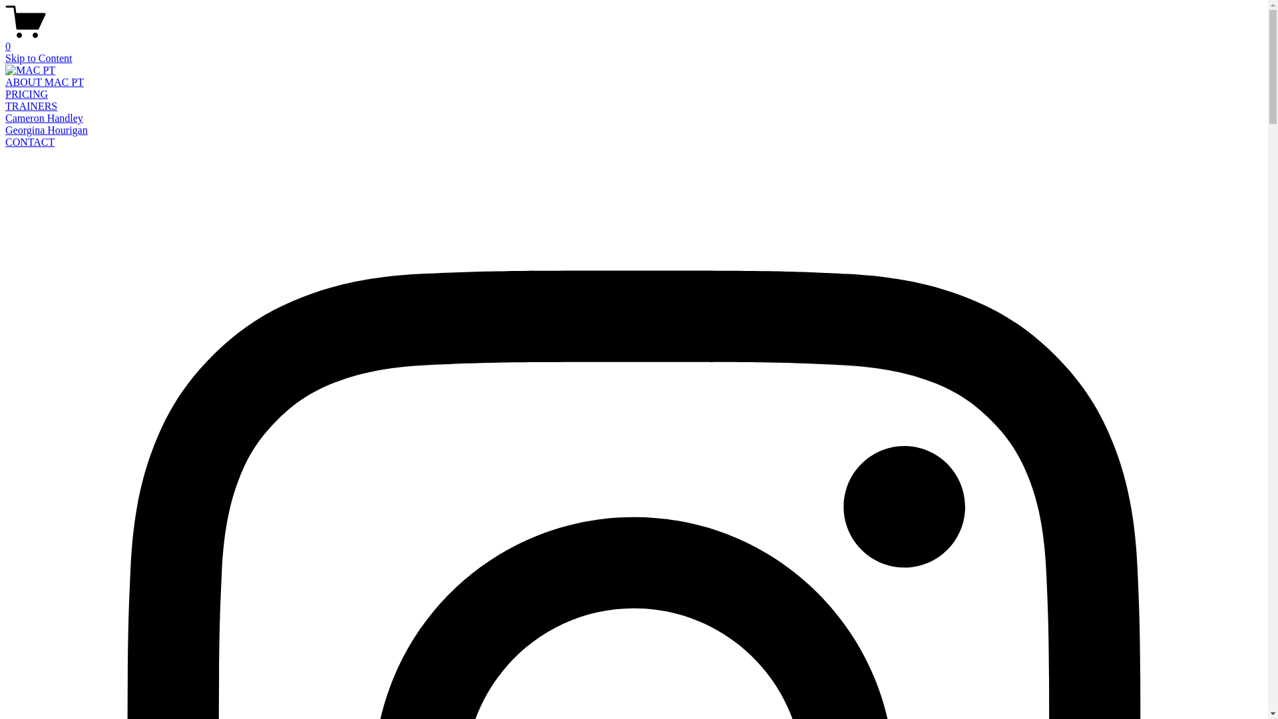 The image size is (1278, 719). I want to click on 'PRICING', so click(5, 93).